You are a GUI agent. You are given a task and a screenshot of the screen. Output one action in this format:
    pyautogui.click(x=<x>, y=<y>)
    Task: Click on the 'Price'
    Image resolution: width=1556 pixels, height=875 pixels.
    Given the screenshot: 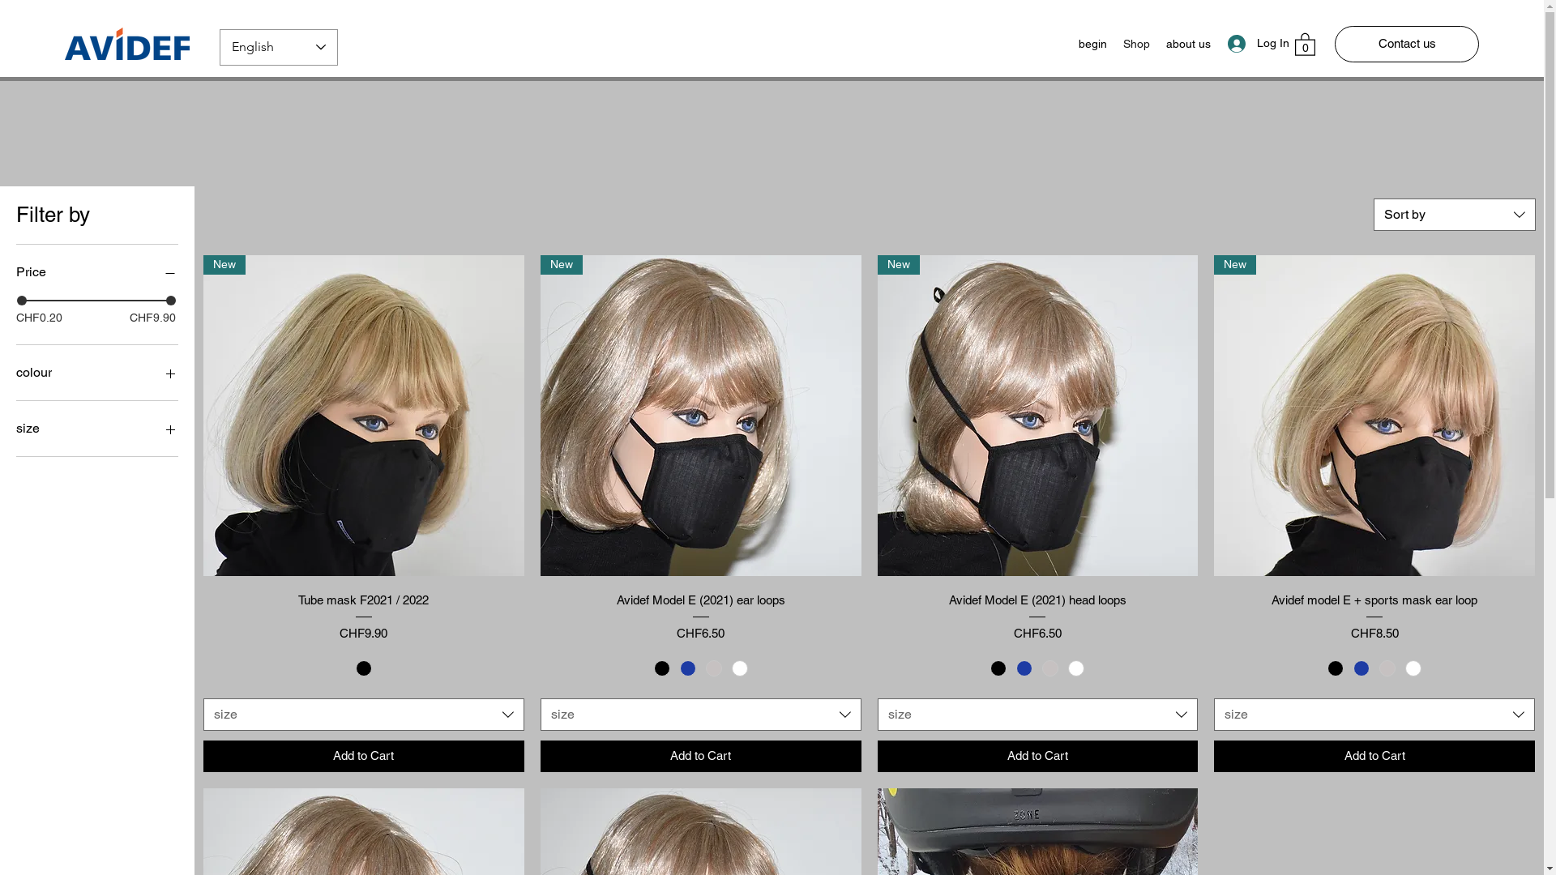 What is the action you would take?
    pyautogui.click(x=15, y=271)
    